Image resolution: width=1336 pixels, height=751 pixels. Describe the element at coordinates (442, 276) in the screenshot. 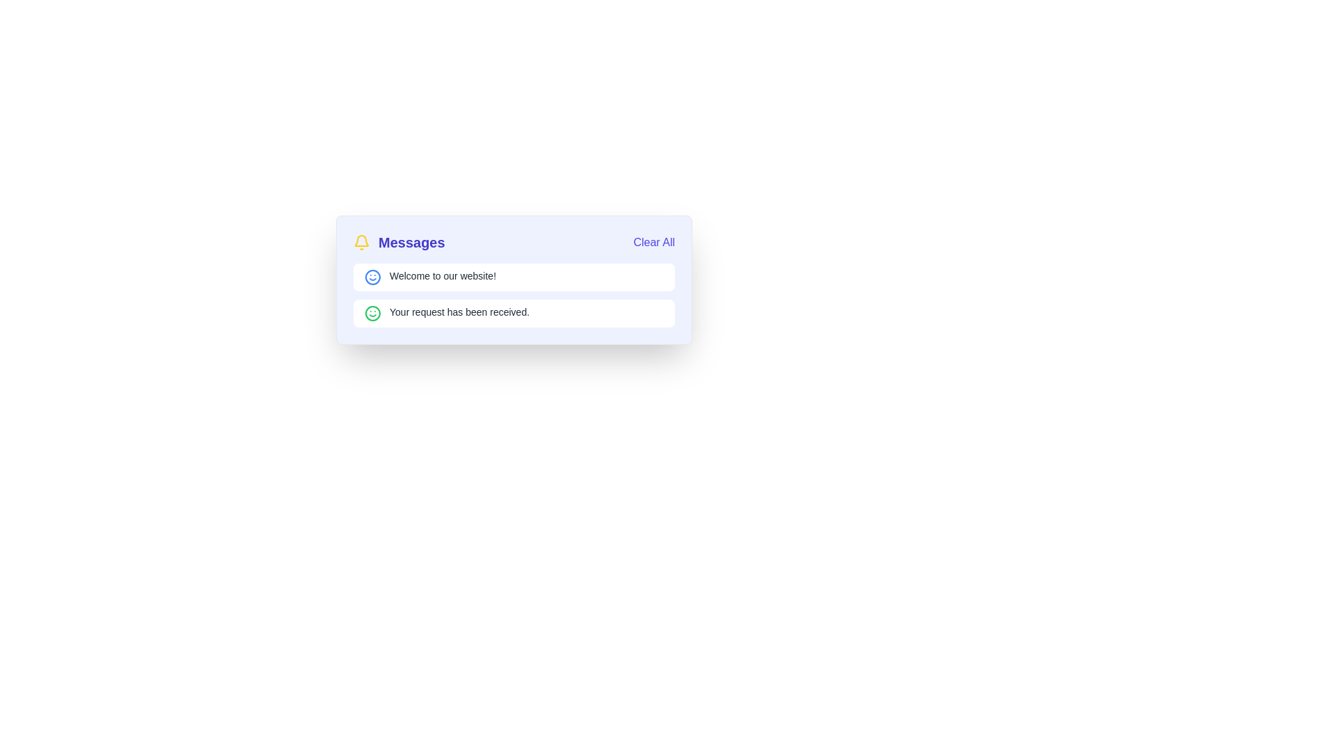

I see `the text 'Welcome to our website!' which is displayed in a small, gray-colored font next to a blue smiley emoji icon` at that location.